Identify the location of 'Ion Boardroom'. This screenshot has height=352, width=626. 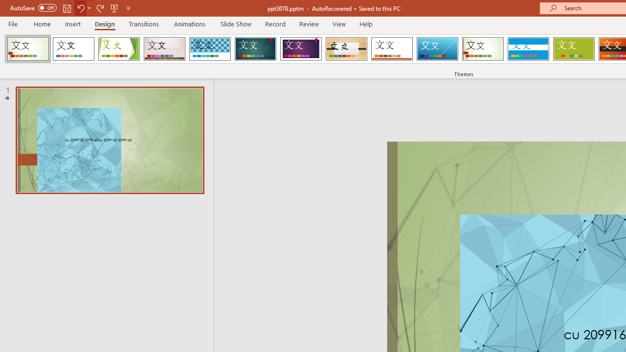
(300, 49).